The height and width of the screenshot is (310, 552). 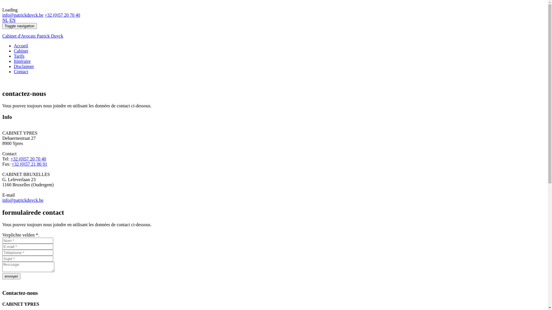 What do you see at coordinates (29, 164) in the screenshot?
I see `'+32 (0)57 21 86 91'` at bounding box center [29, 164].